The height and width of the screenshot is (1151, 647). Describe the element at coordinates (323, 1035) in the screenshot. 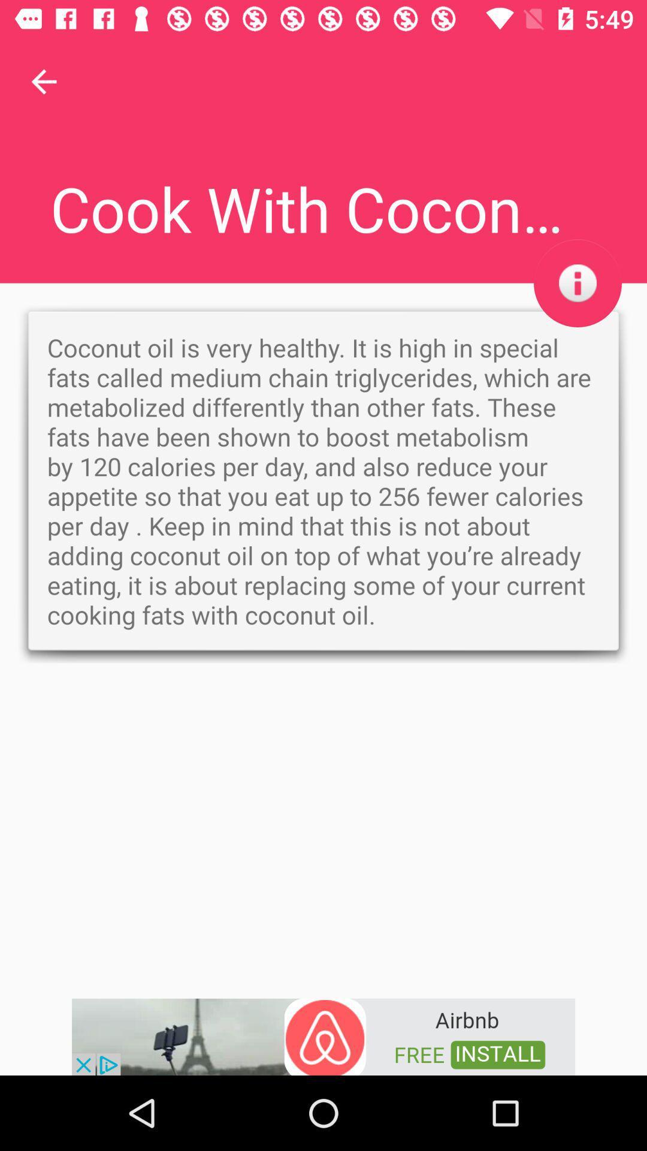

I see `advertisements` at that location.